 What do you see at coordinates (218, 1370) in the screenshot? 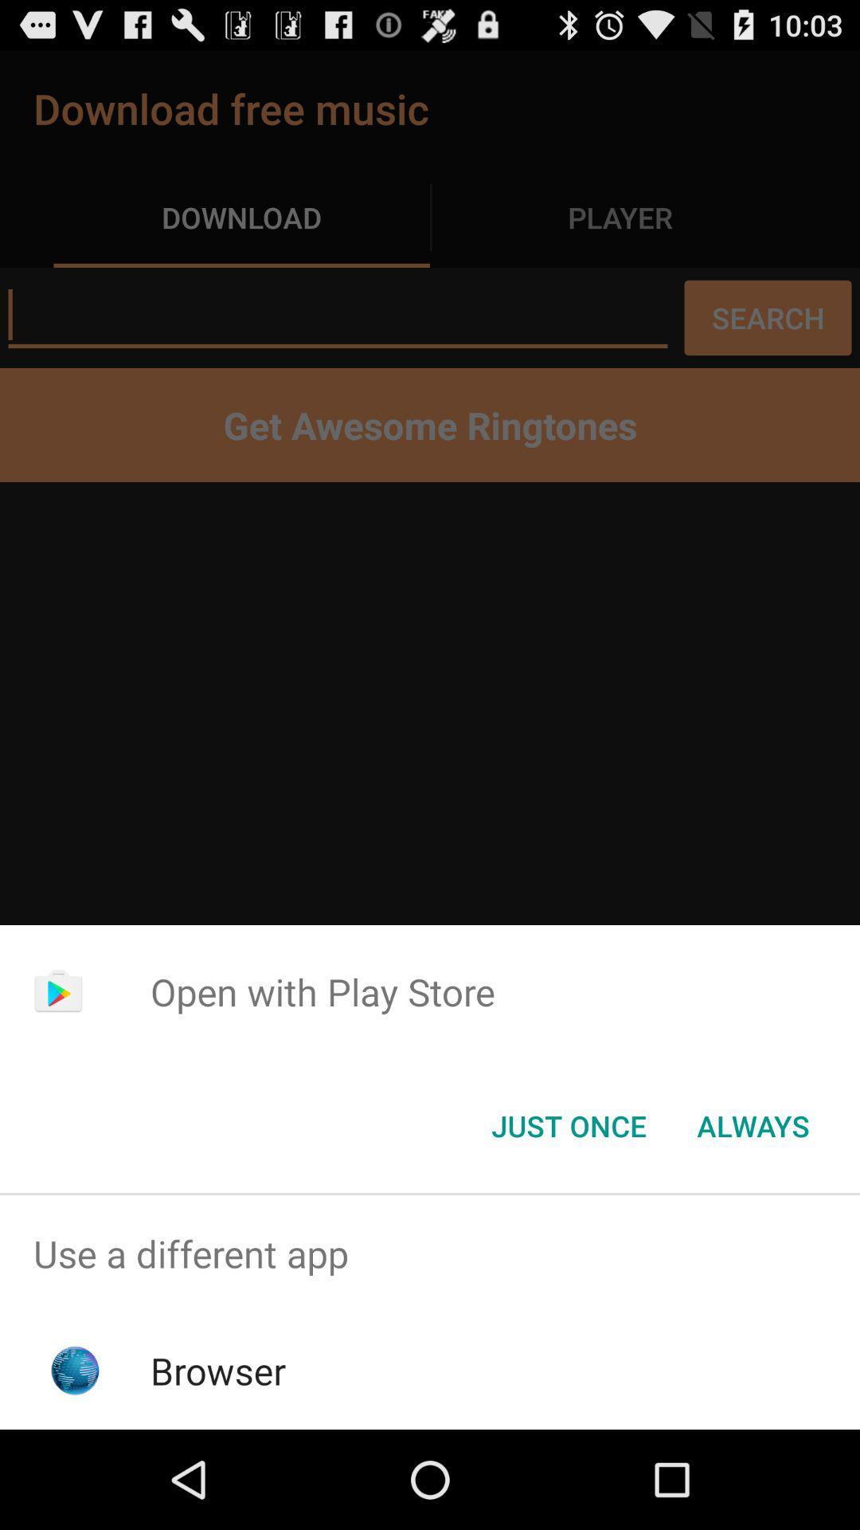
I see `the item below use a different icon` at bounding box center [218, 1370].